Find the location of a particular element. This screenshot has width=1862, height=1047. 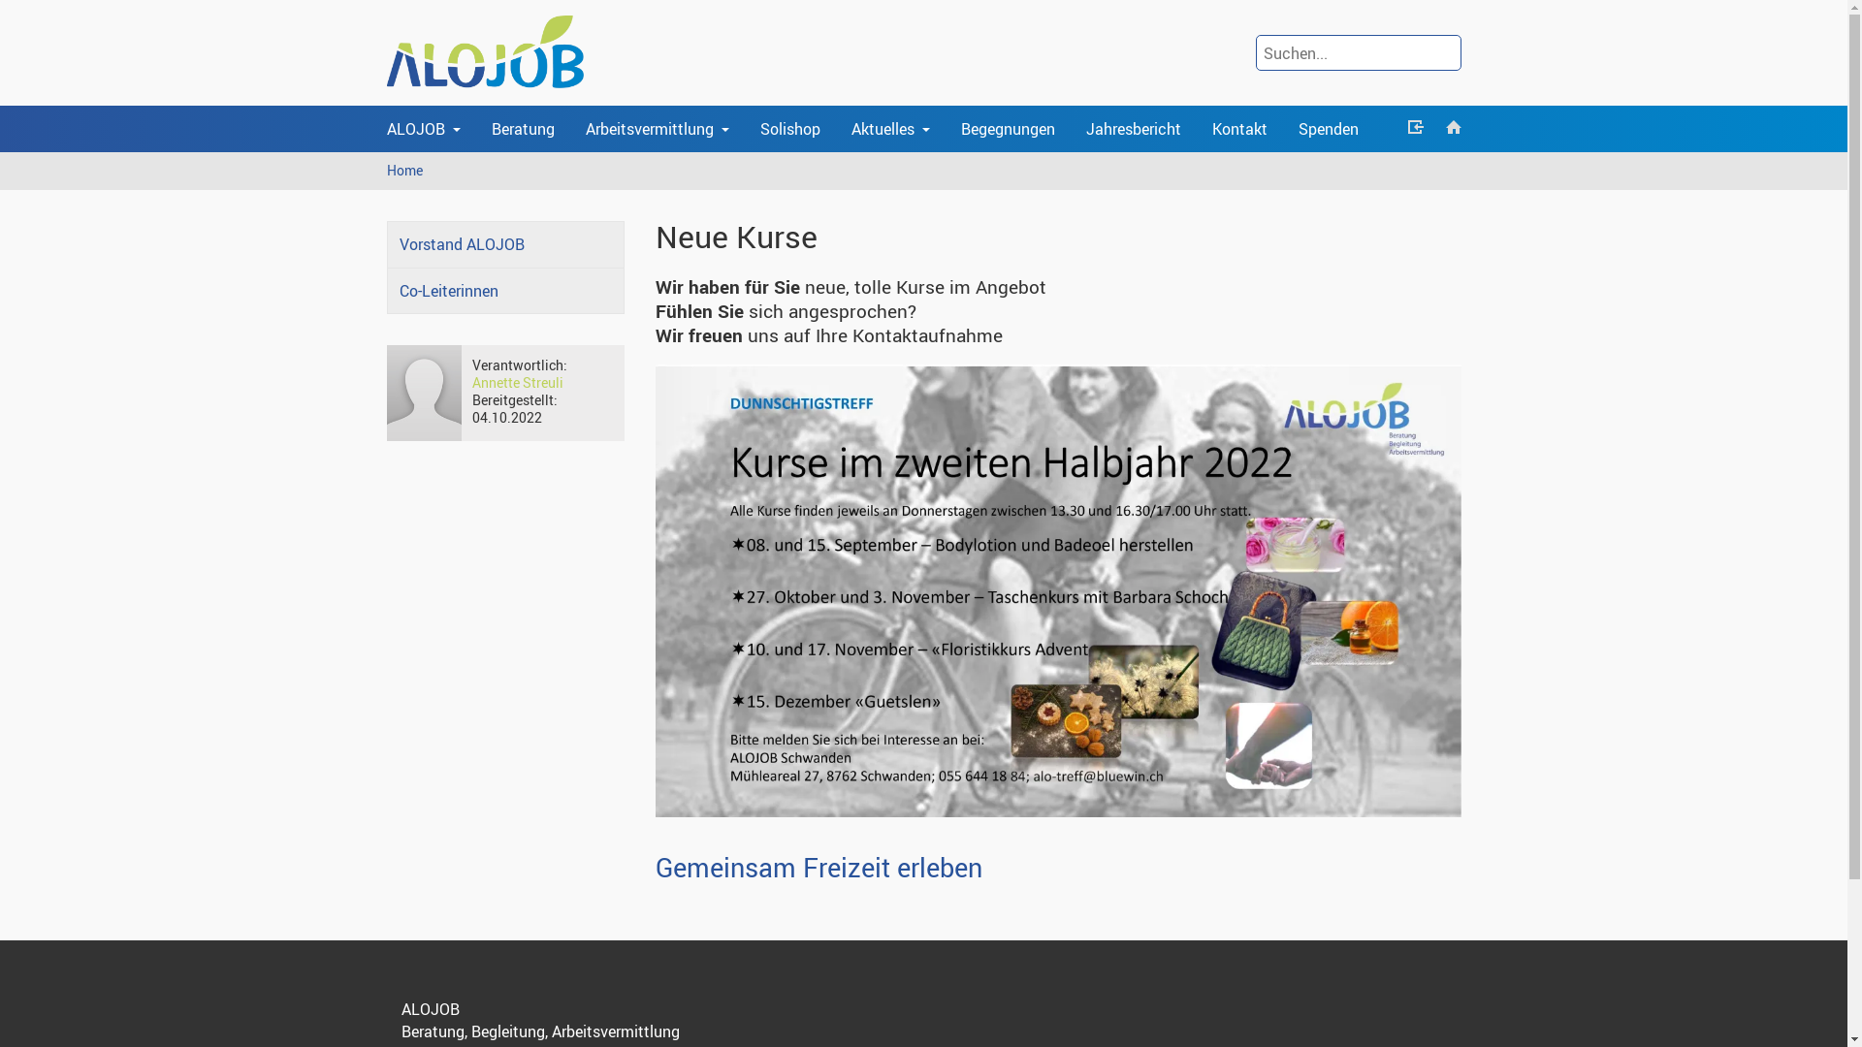

'Beratung' is located at coordinates (522, 128).